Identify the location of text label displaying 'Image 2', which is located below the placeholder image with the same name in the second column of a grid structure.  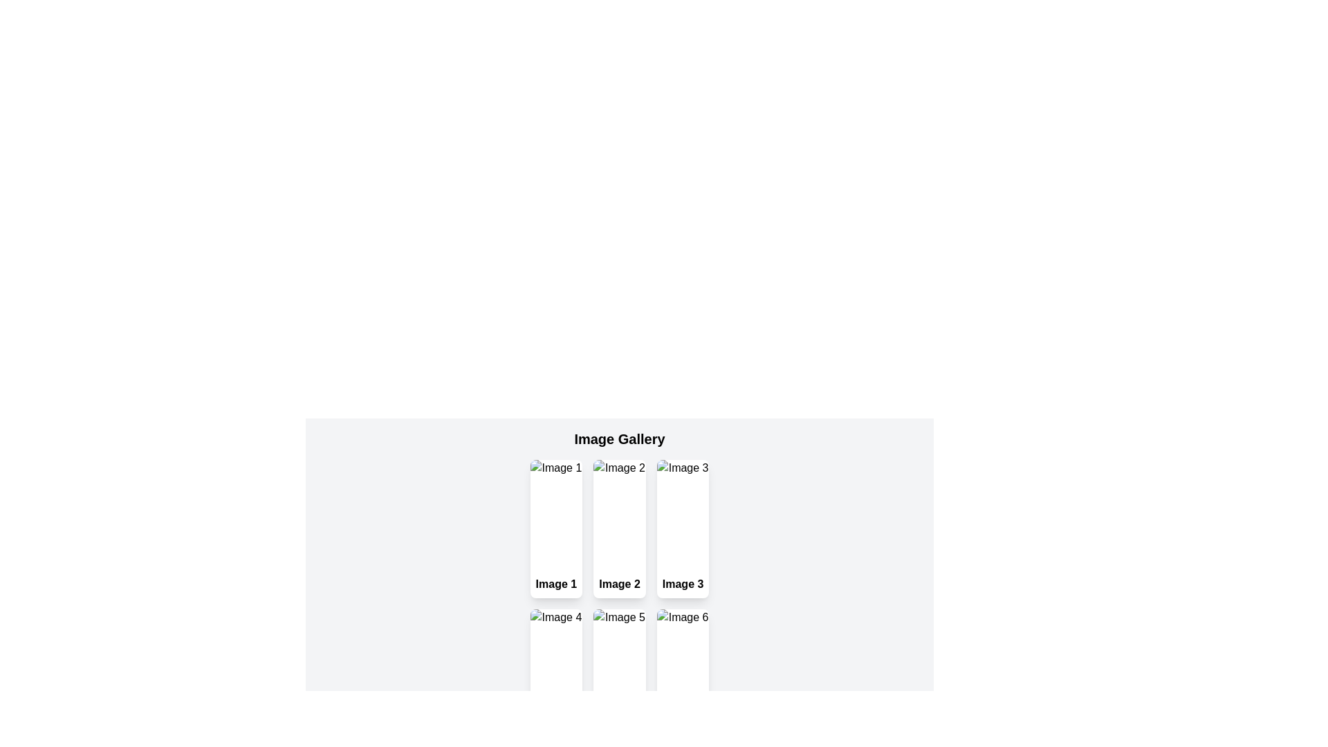
(619, 584).